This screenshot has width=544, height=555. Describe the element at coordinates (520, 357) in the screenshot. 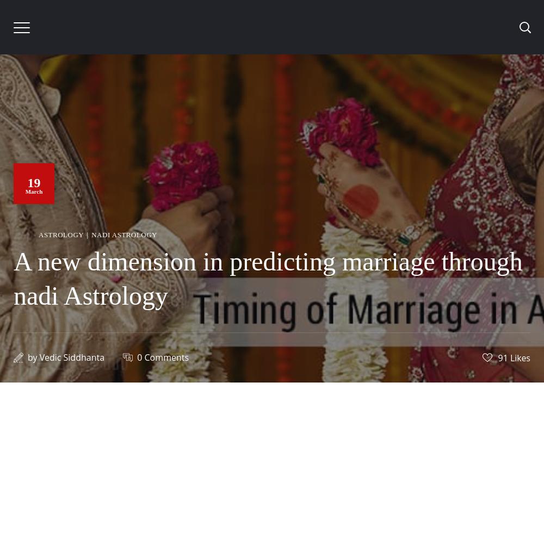

I see `'Likes'` at that location.